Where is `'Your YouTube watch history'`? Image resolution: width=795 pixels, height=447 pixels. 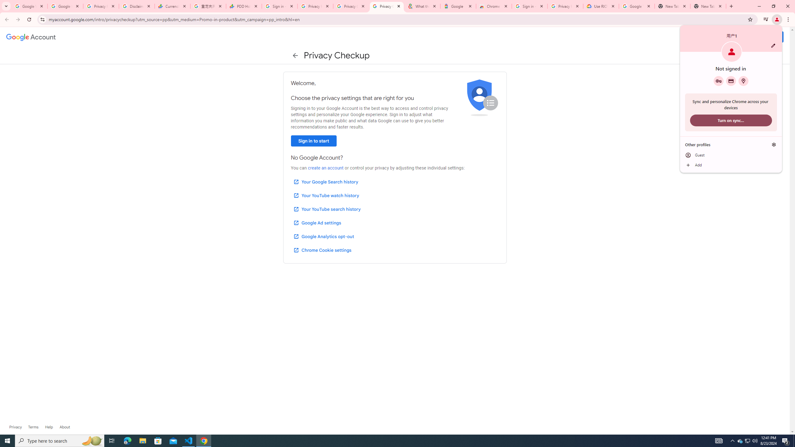 'Your YouTube watch history' is located at coordinates (326, 195).